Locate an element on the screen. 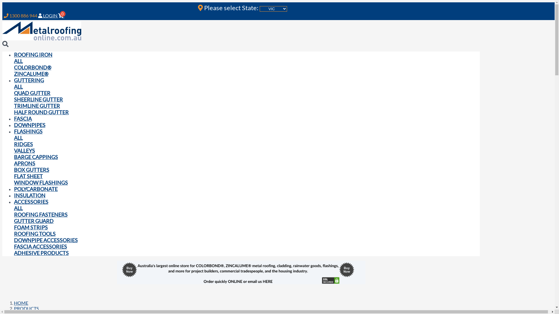  'FOAM STRIPS' is located at coordinates (30, 227).